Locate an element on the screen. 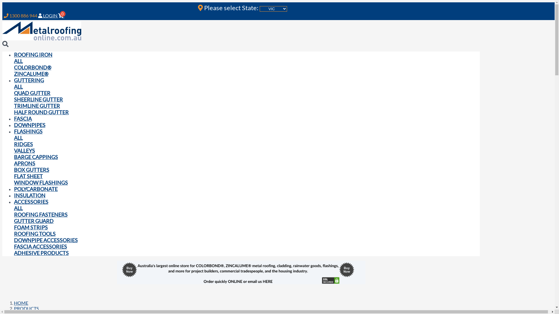  'FOAM STRIPS' is located at coordinates (30, 227).